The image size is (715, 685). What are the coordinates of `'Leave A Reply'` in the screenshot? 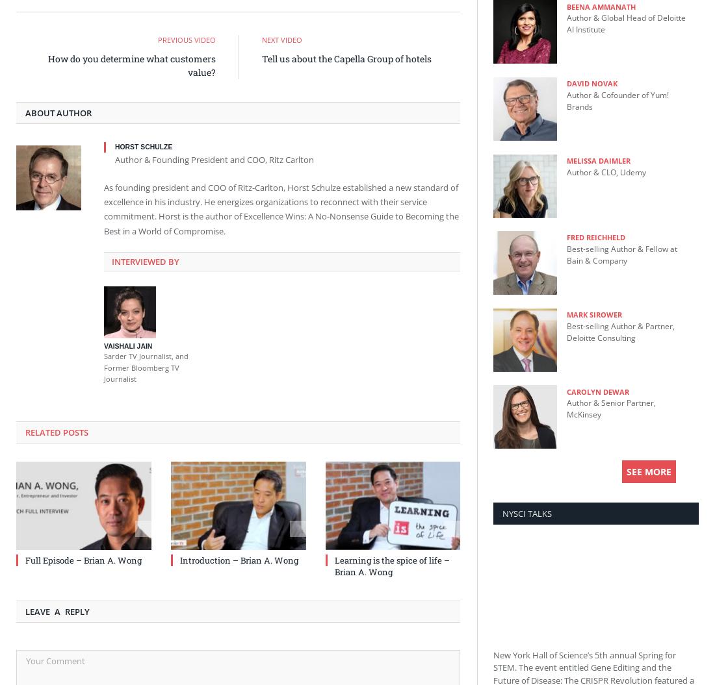 It's located at (57, 610).